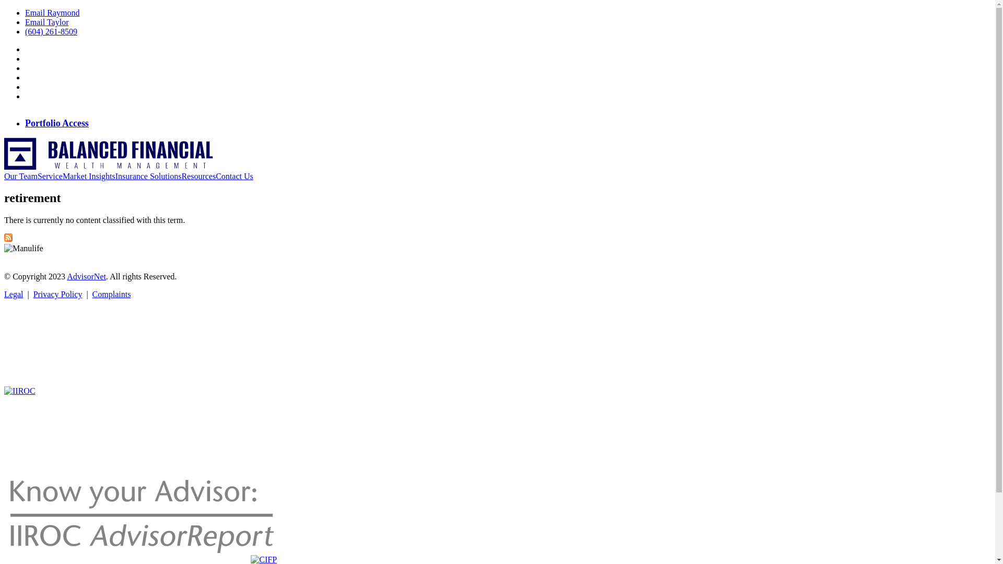 This screenshot has height=564, width=1003. I want to click on 'Email Taylor', so click(46, 22).